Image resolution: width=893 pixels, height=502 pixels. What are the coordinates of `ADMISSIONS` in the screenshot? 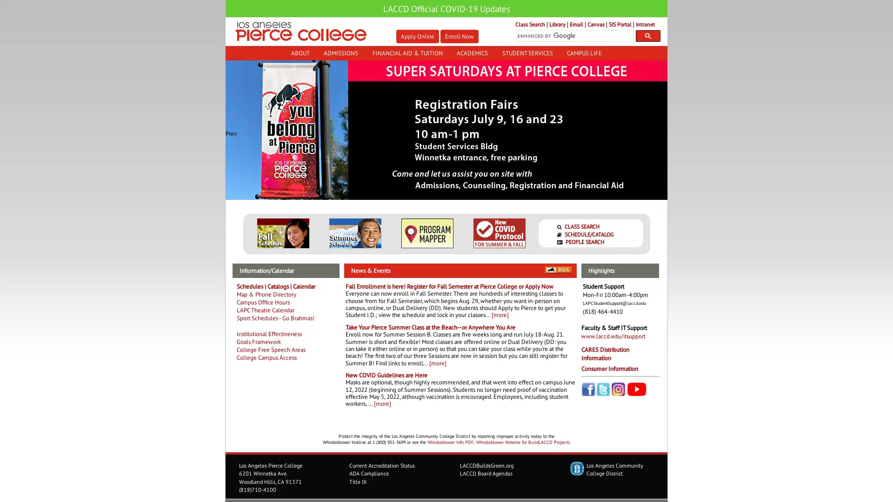 It's located at (340, 53).